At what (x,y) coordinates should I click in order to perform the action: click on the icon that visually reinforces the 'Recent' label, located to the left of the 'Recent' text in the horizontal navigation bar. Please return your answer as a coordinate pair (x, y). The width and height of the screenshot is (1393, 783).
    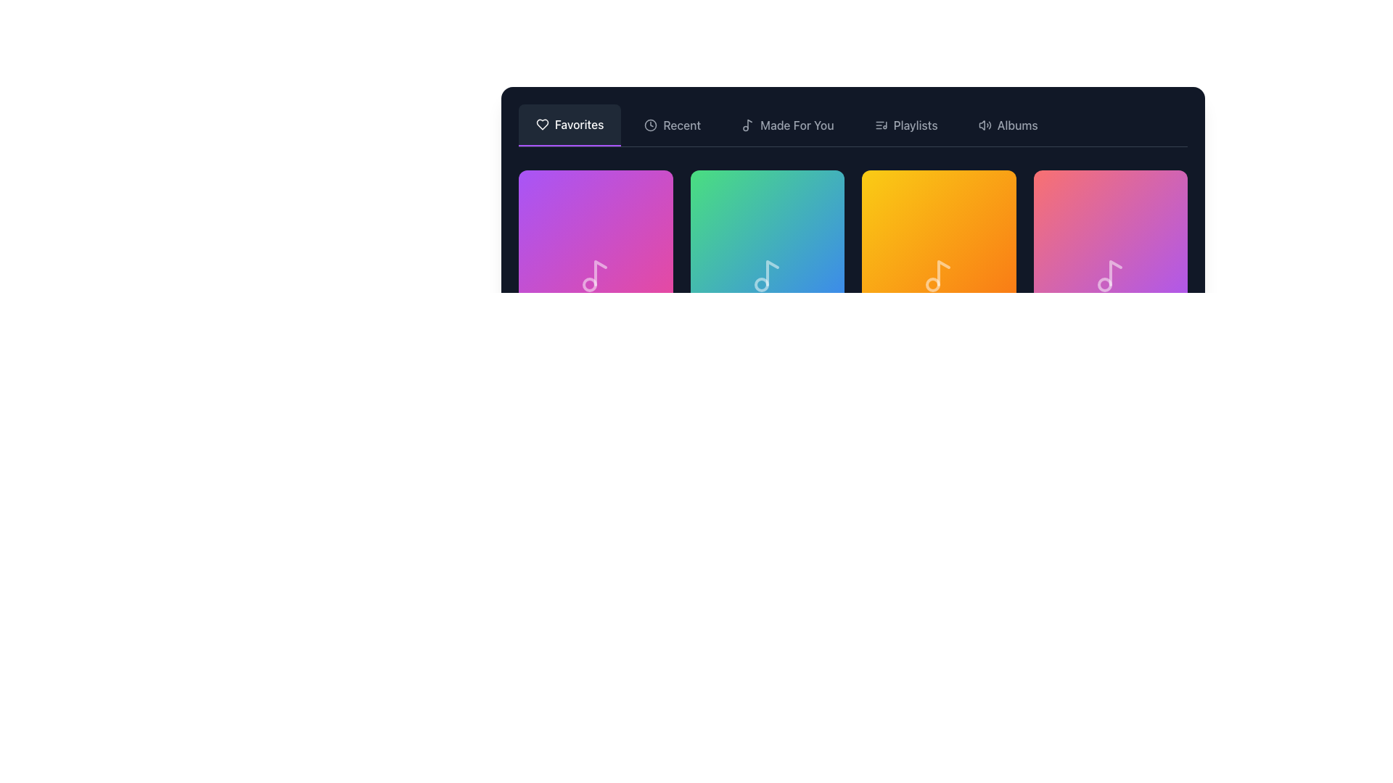
    Looking at the image, I should click on (650, 125).